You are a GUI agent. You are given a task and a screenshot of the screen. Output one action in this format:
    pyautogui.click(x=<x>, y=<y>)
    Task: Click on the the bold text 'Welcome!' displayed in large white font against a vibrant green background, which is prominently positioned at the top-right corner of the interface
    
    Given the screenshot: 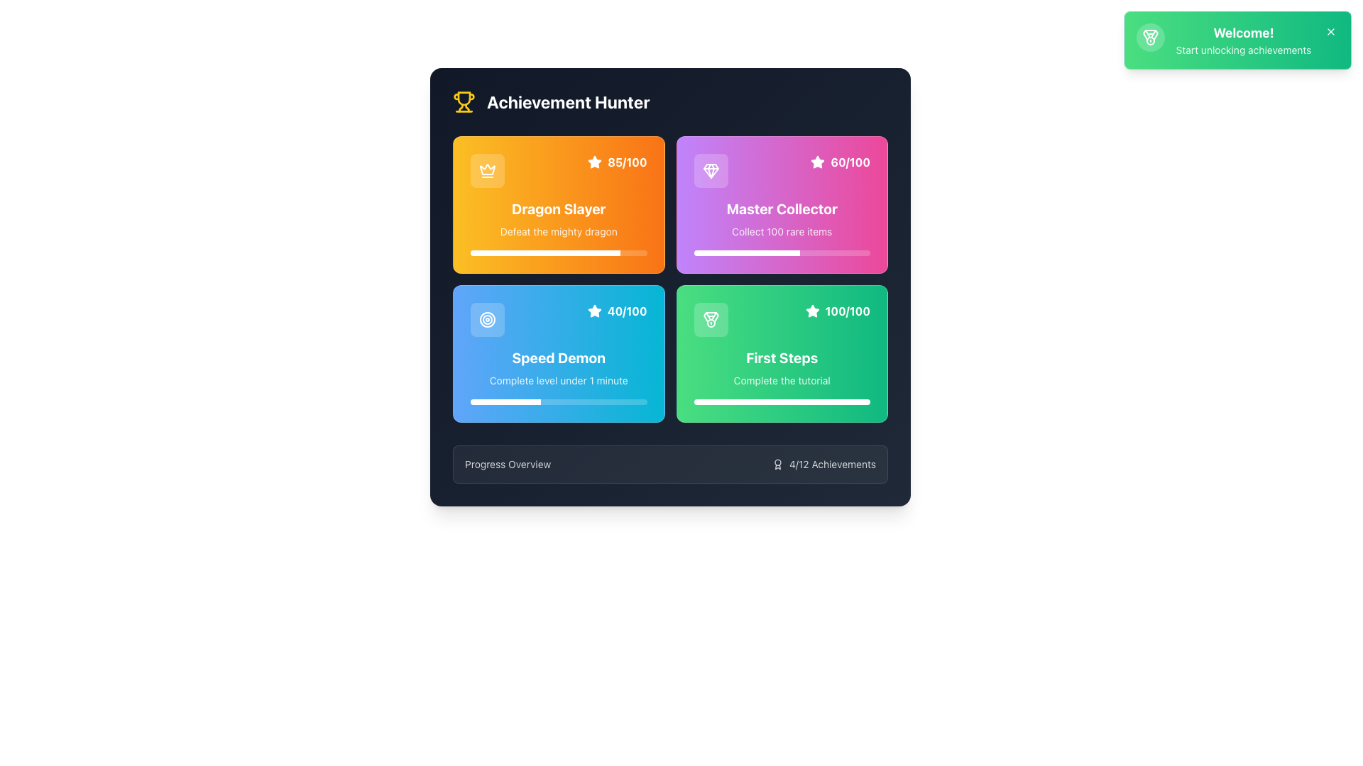 What is the action you would take?
    pyautogui.click(x=1243, y=32)
    